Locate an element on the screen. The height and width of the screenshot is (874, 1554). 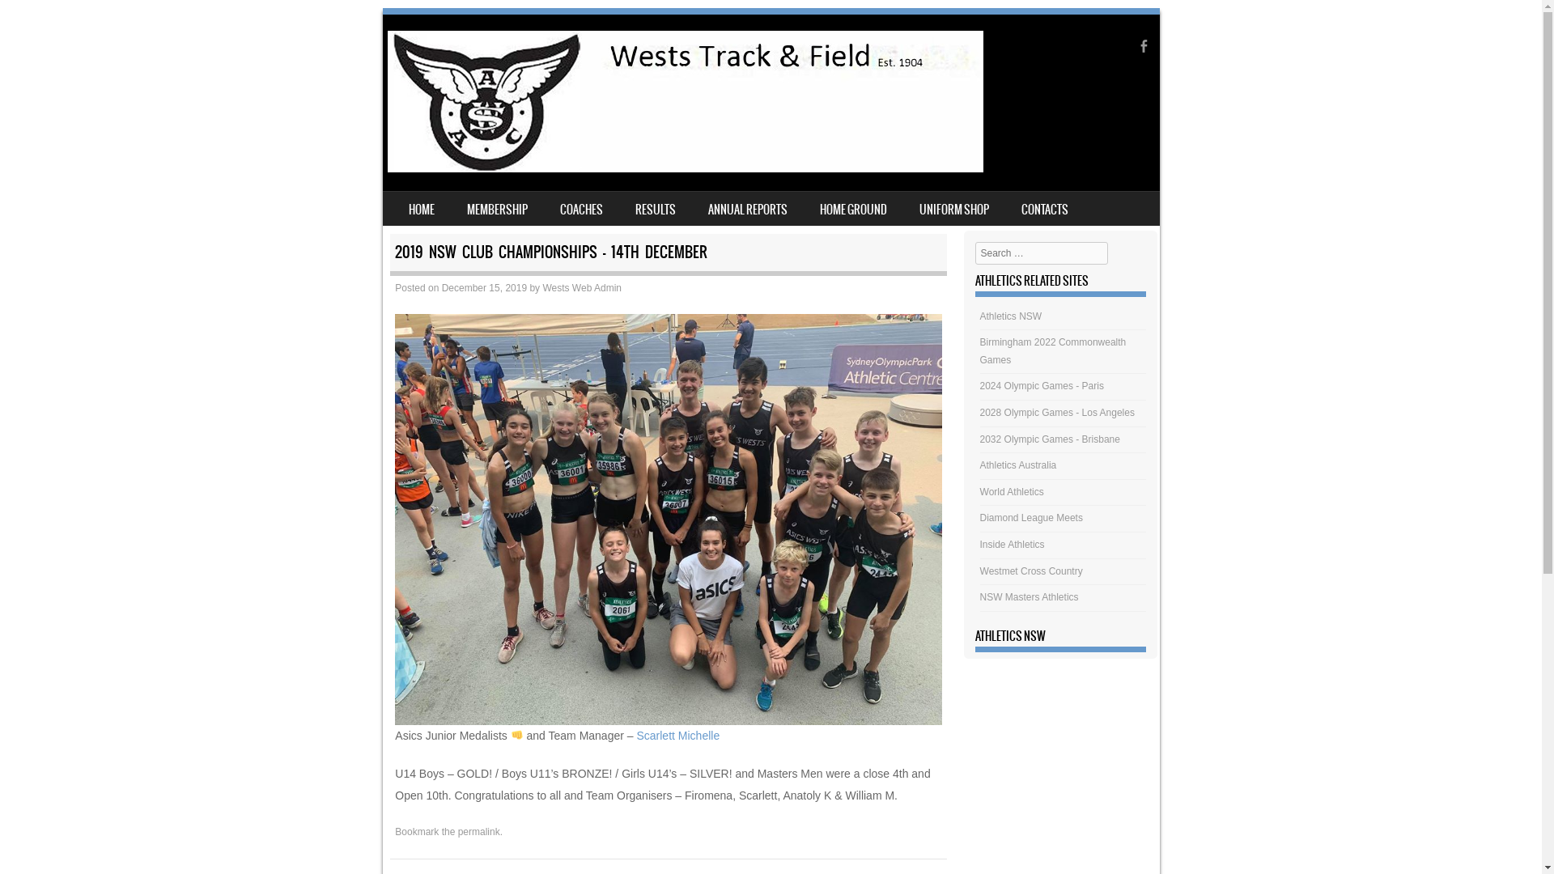
'Scarlett Michelle' is located at coordinates (677, 736).